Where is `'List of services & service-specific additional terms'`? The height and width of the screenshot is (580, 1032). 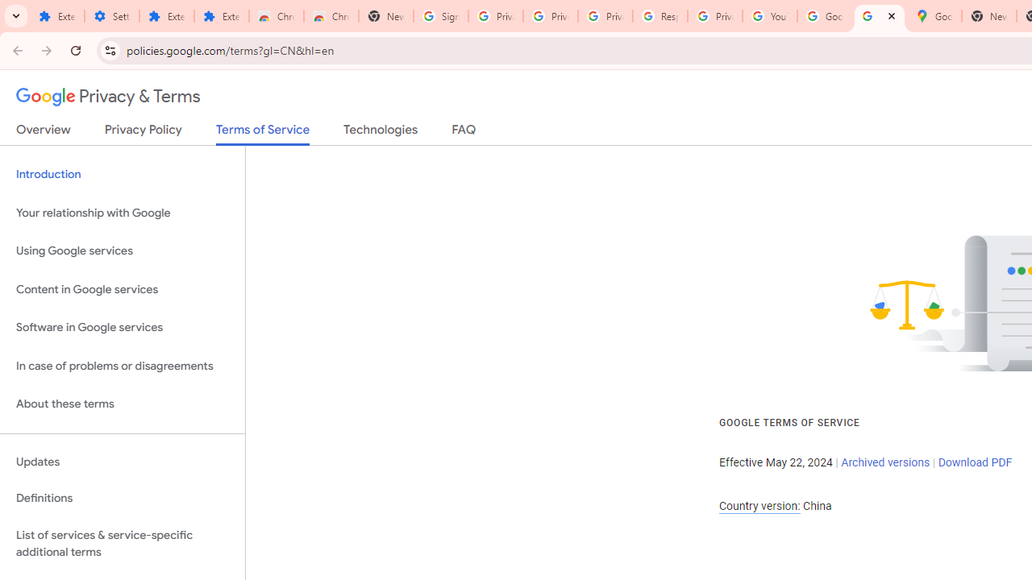
'List of services & service-specific additional terms' is located at coordinates (122, 544).